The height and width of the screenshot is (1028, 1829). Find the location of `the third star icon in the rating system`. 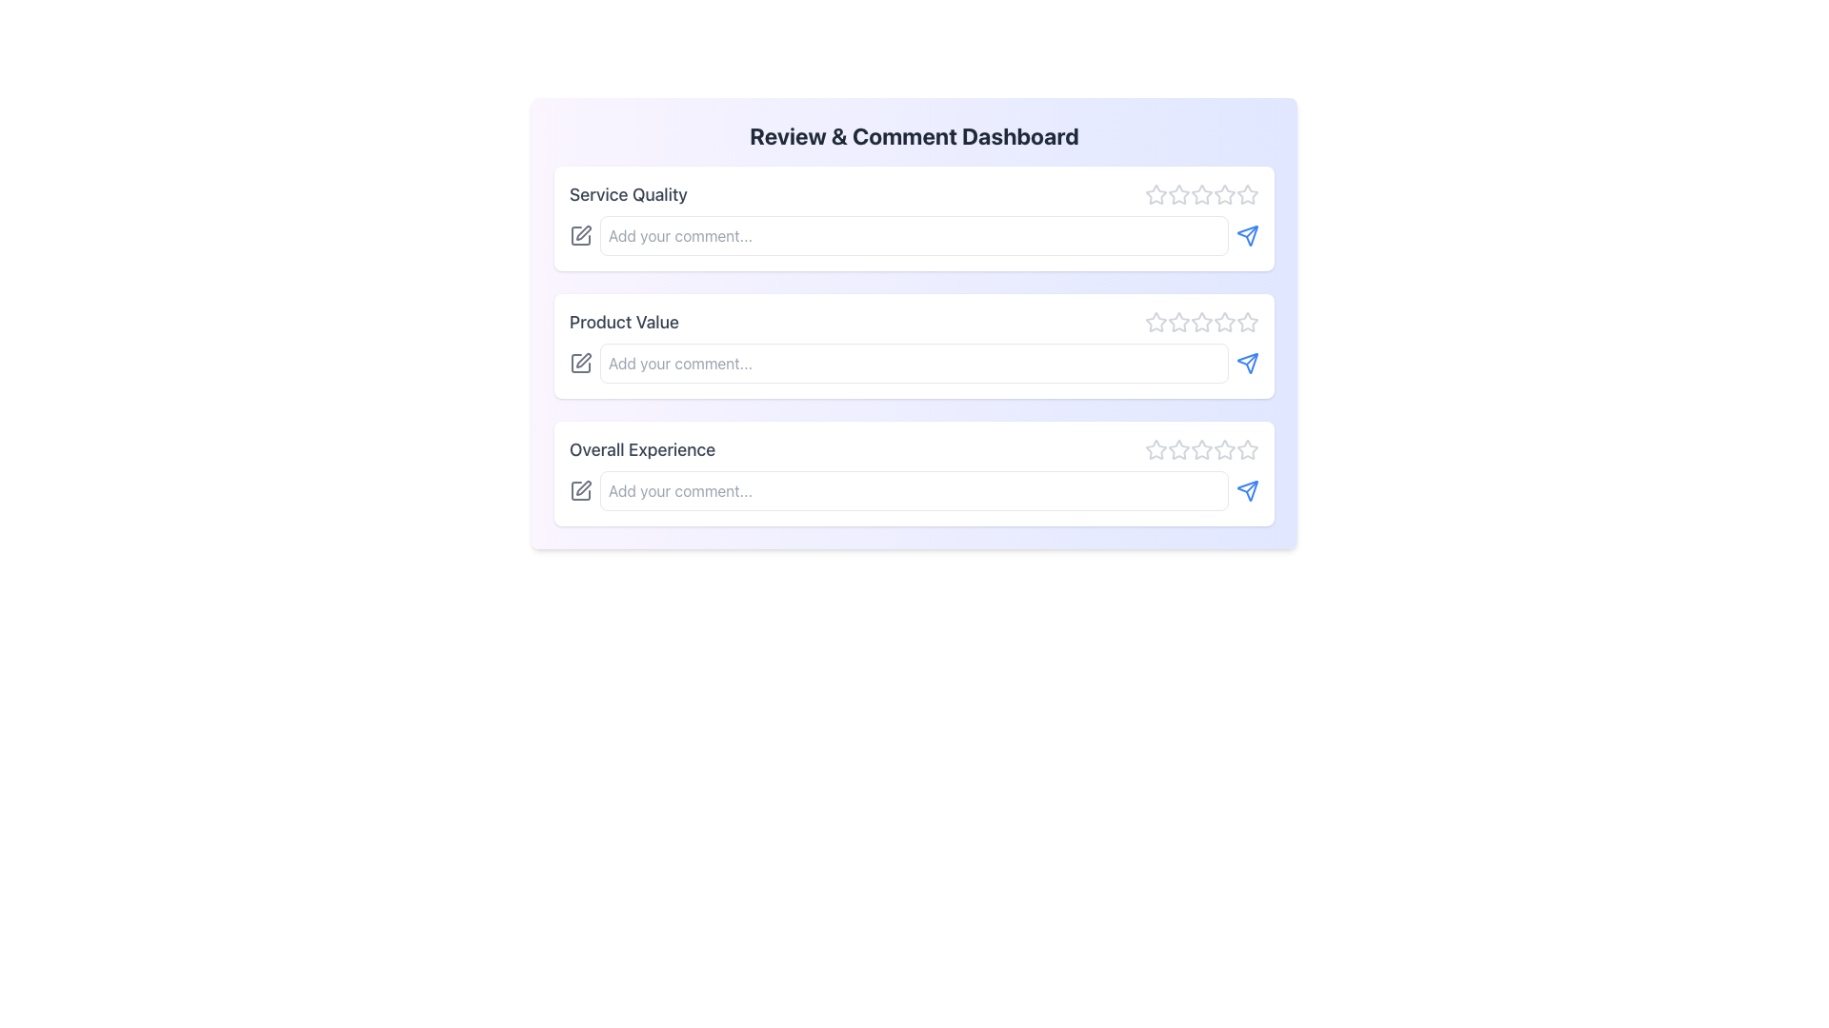

the third star icon in the rating system is located at coordinates (1201, 194).